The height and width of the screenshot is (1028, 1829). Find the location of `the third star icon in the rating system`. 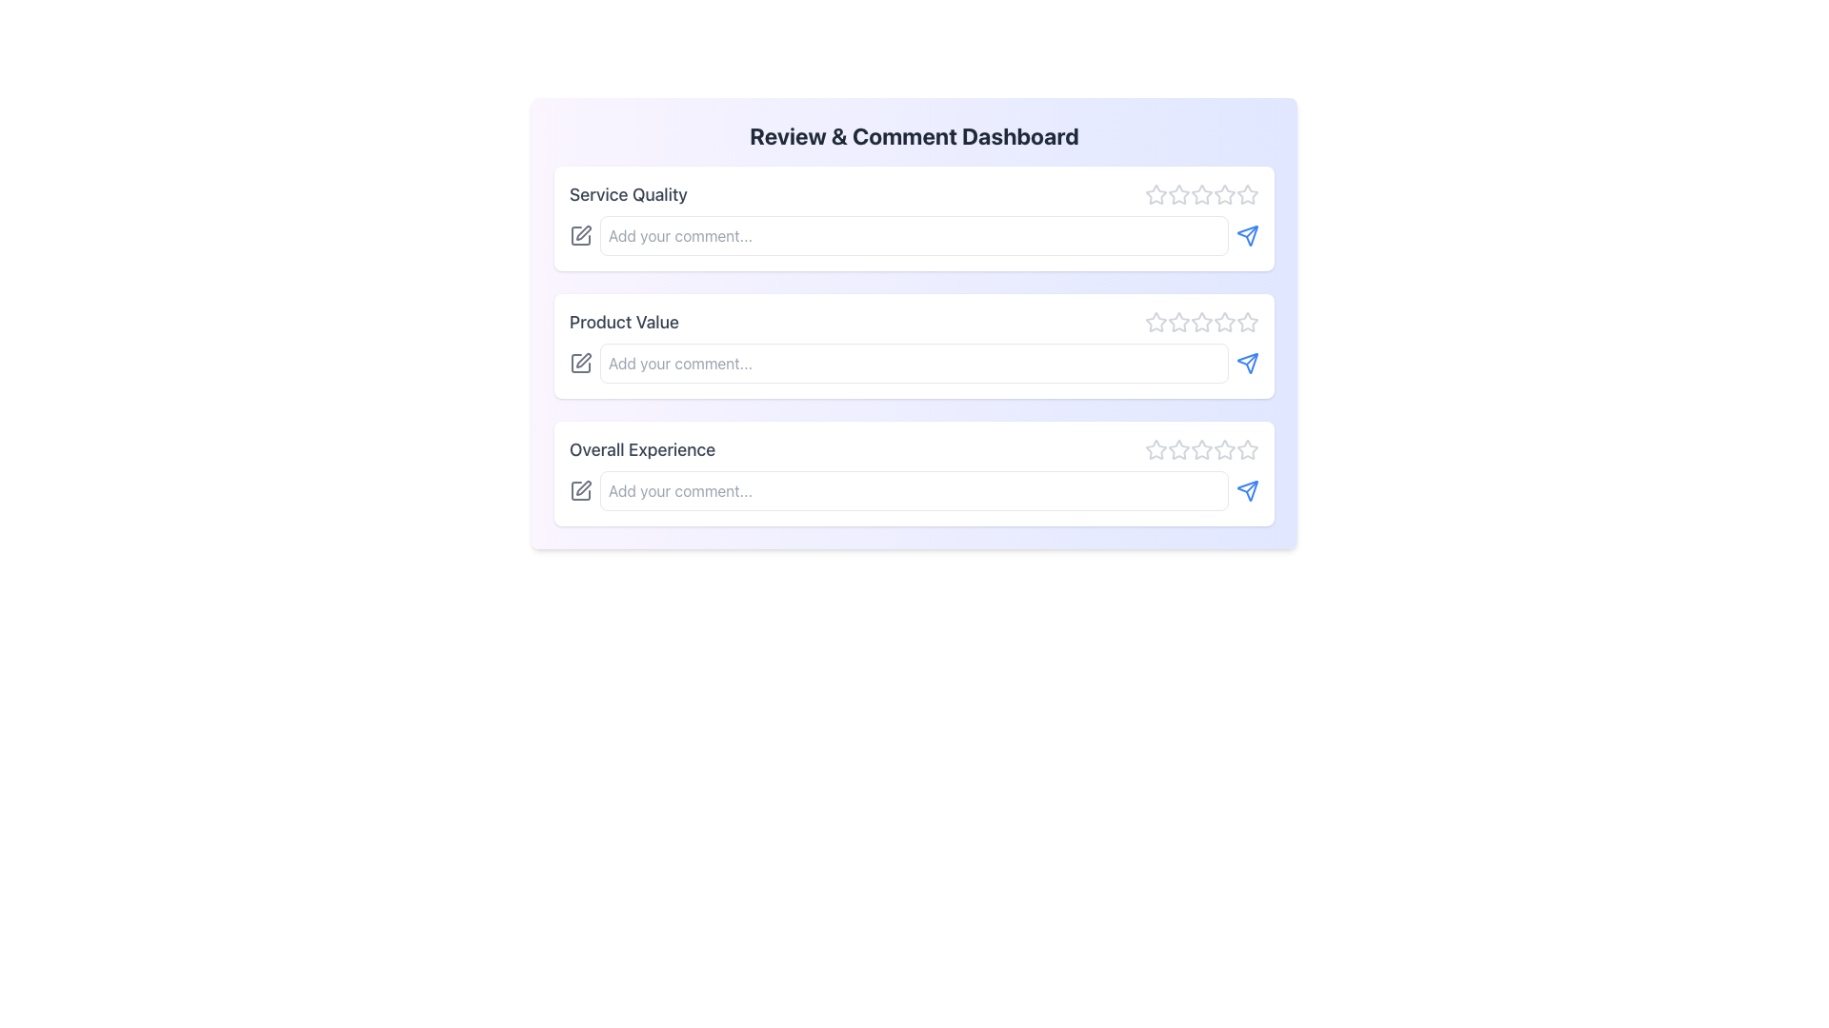

the third star icon in the rating system is located at coordinates (1201, 194).